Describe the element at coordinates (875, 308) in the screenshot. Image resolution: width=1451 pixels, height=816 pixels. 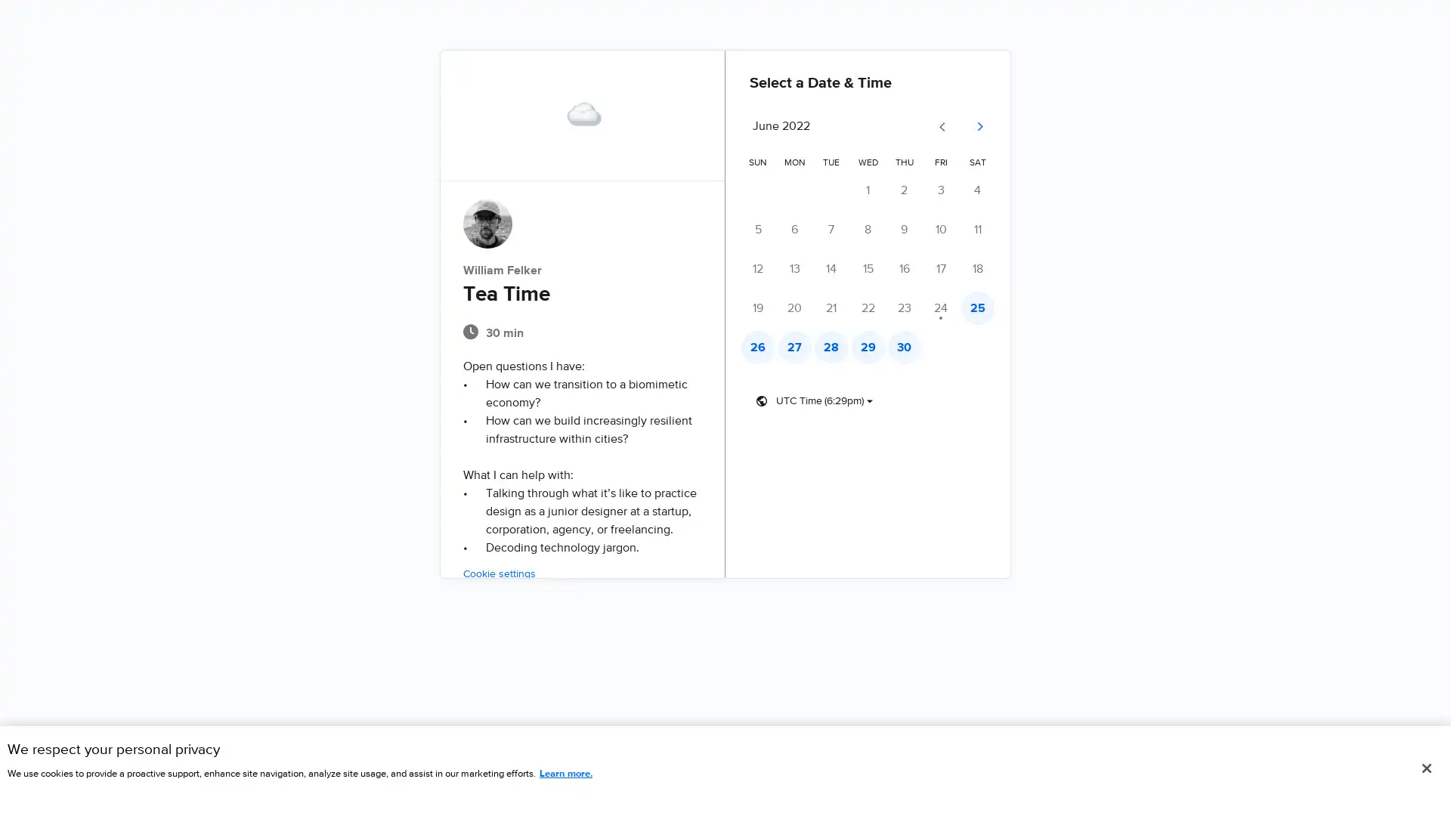
I see `Wednesday, June 22 - No times available` at that location.